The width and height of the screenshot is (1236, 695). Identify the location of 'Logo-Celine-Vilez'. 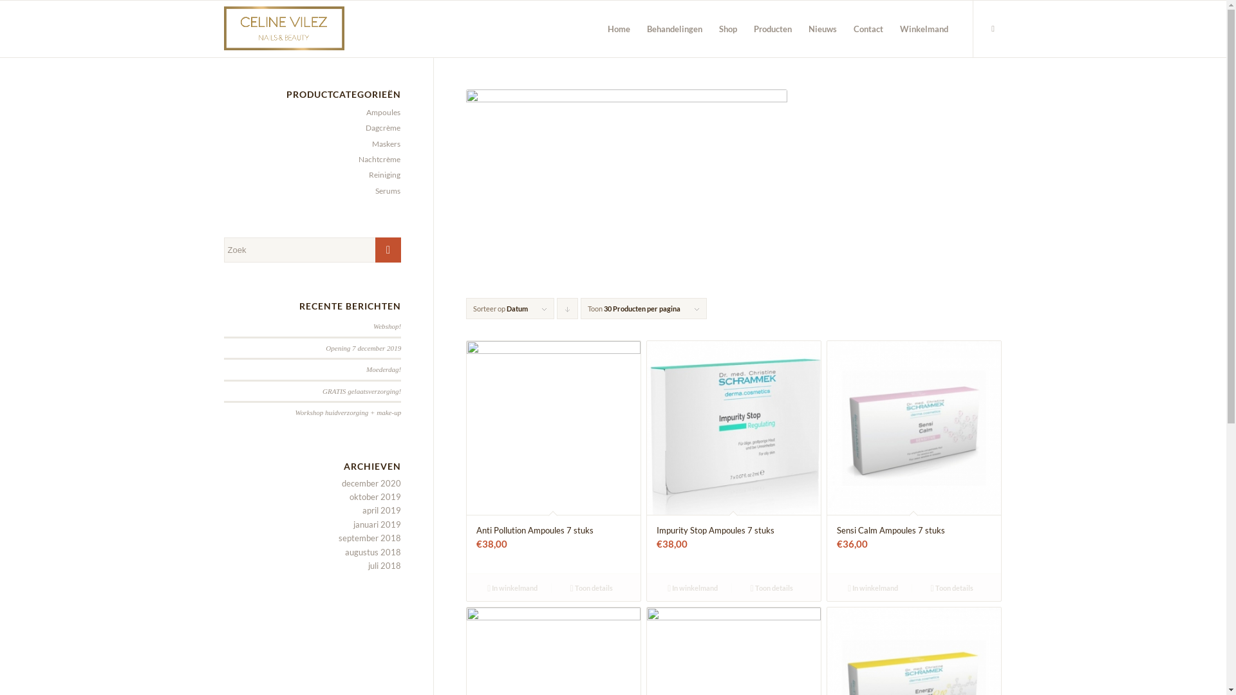
(223, 29).